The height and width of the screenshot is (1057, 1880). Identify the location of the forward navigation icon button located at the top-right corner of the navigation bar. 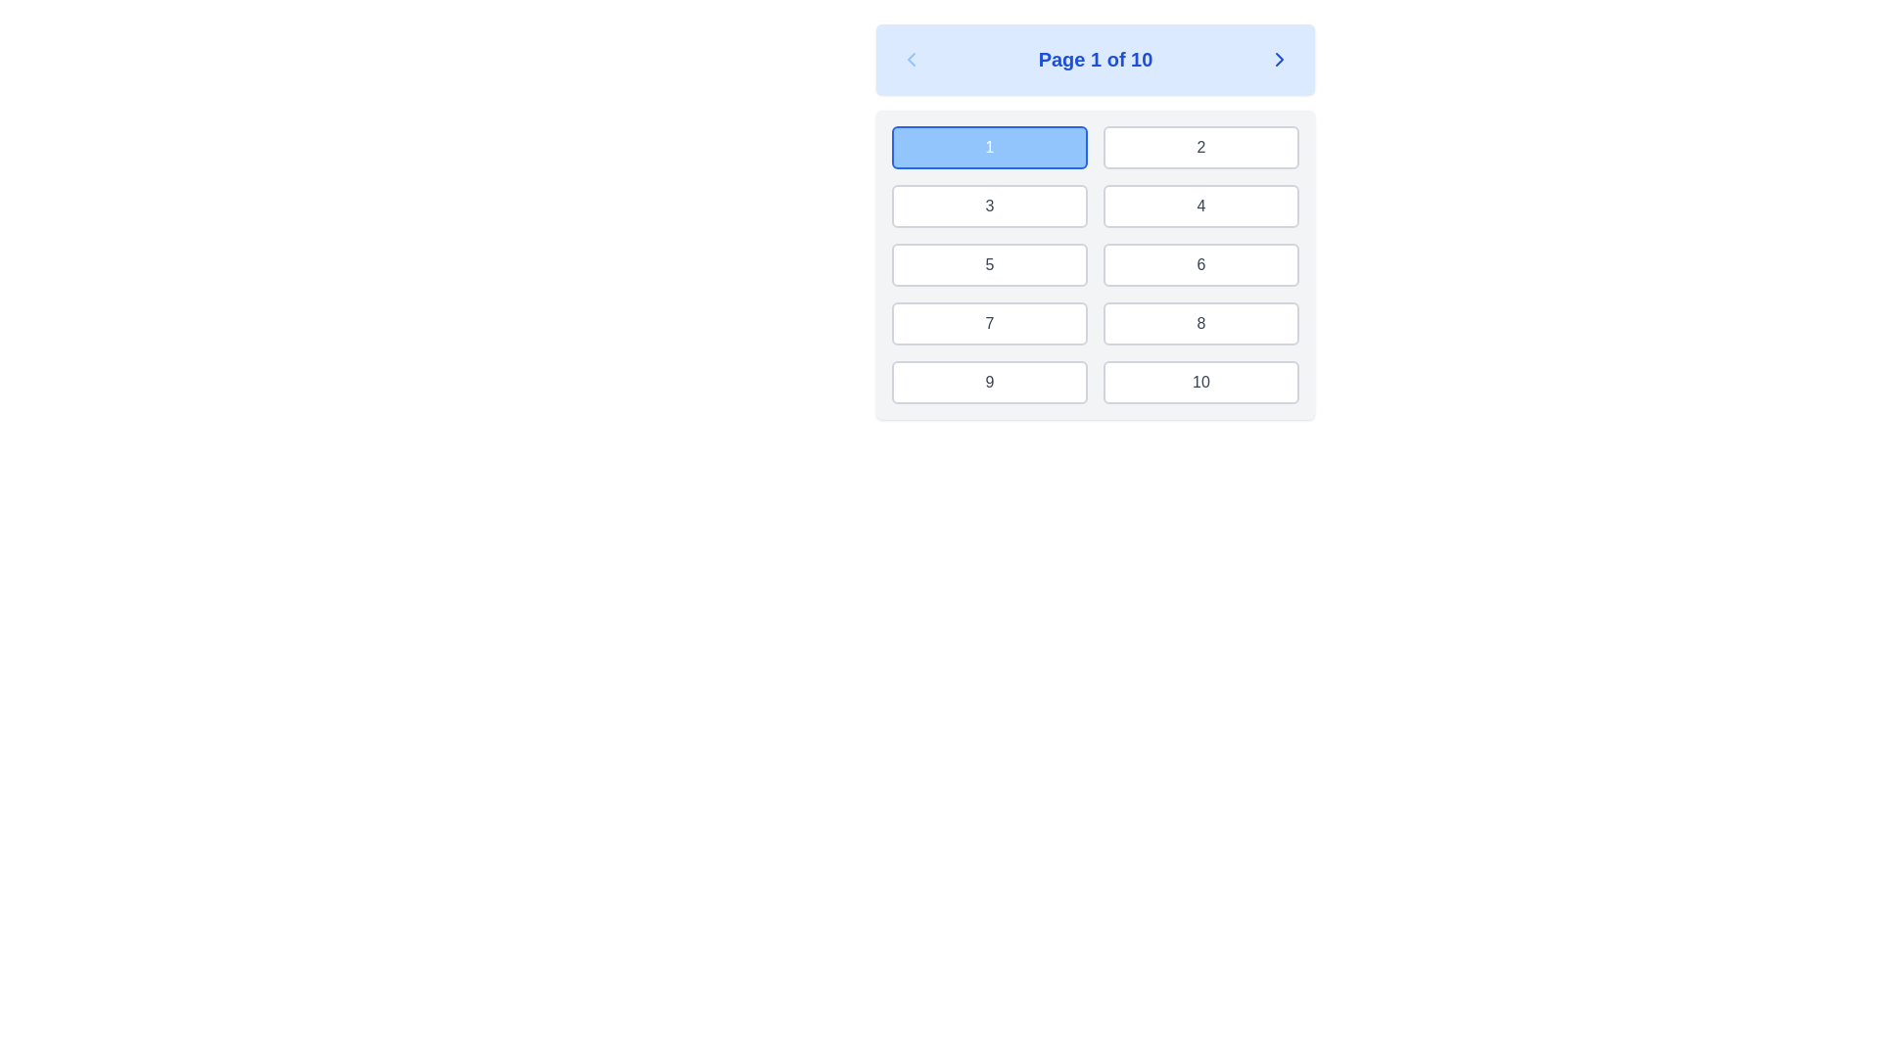
(1279, 59).